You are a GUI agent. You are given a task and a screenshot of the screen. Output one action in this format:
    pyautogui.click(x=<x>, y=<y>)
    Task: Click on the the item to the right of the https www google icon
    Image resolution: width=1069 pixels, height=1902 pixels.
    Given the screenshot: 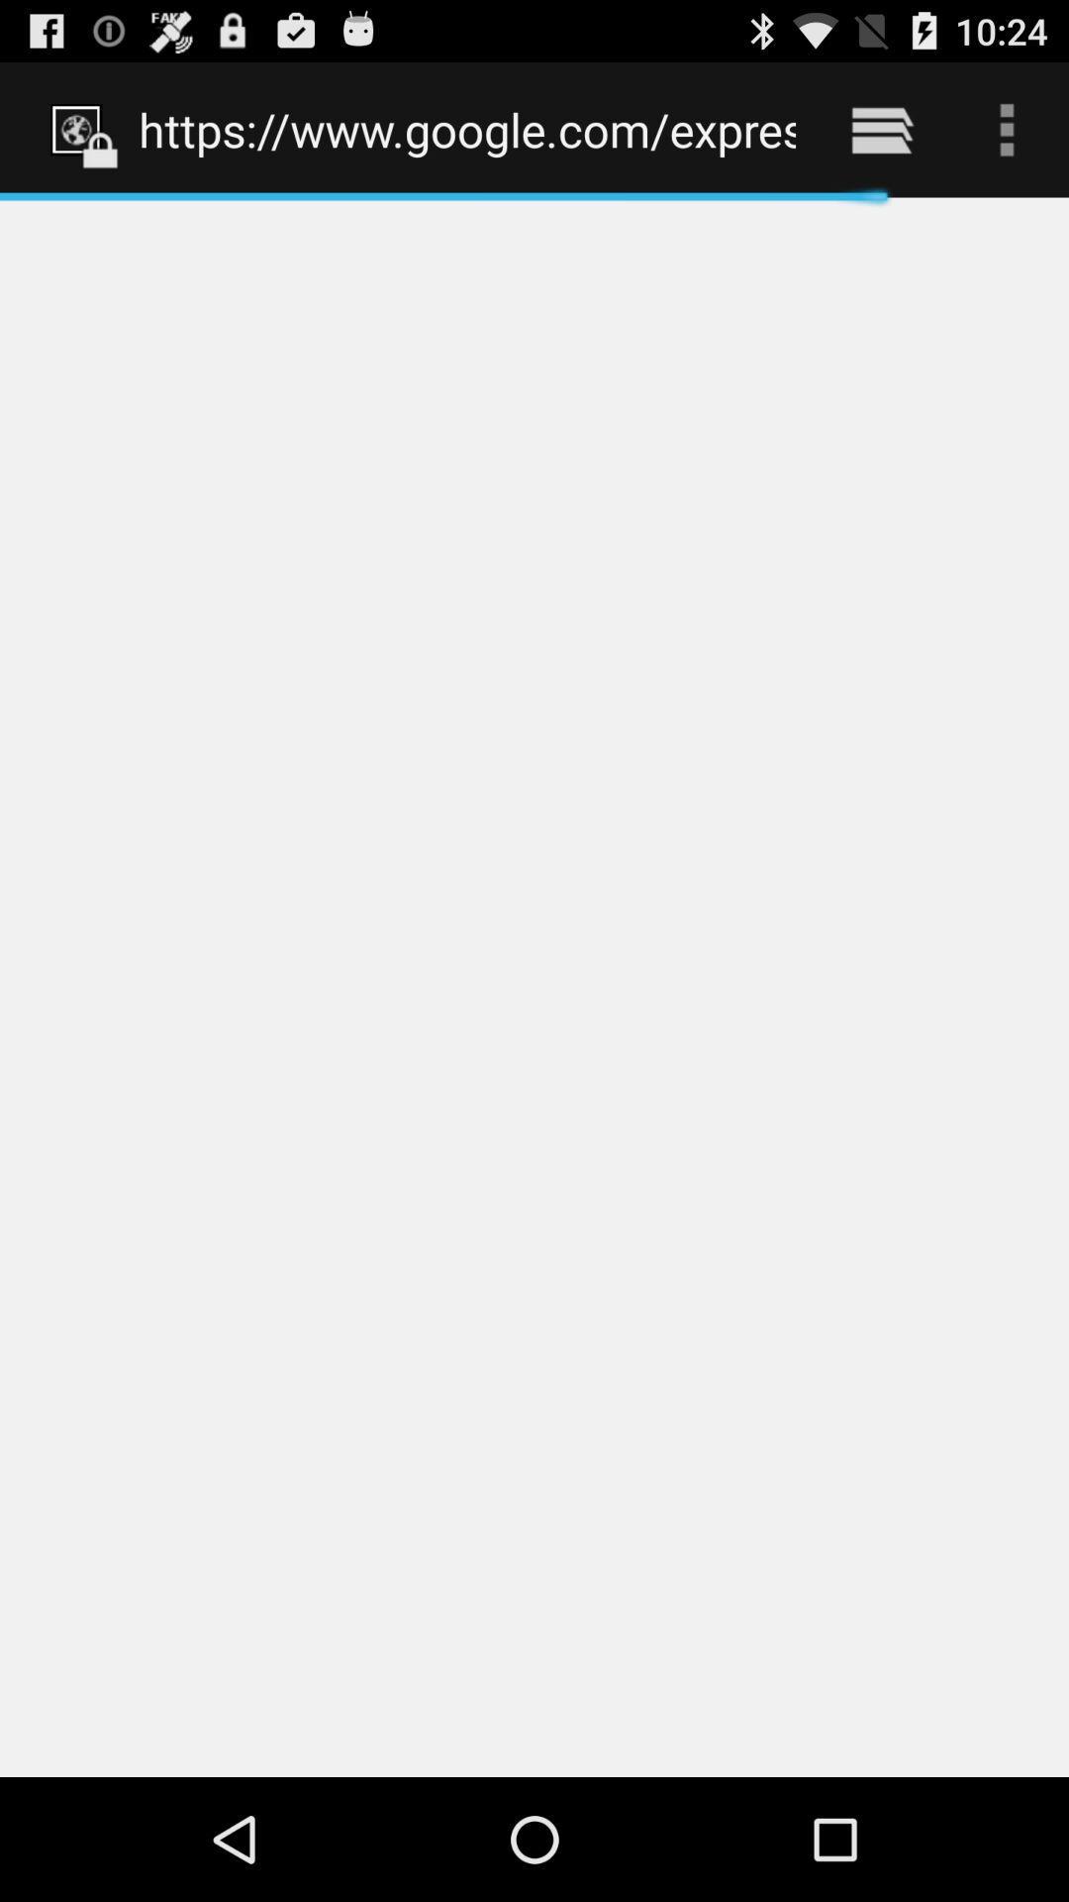 What is the action you would take?
    pyautogui.click(x=881, y=129)
    